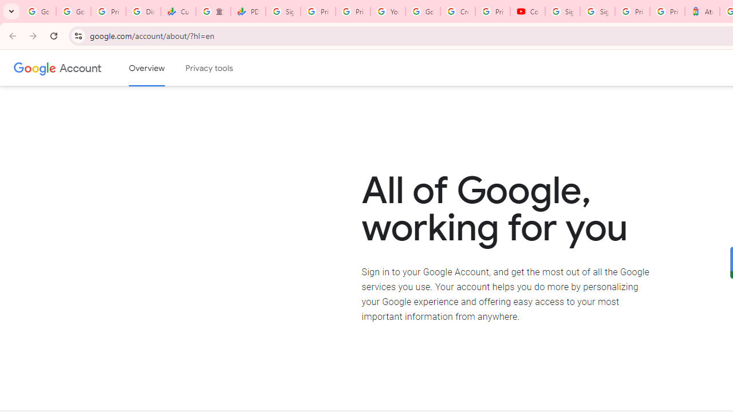 The height and width of the screenshot is (412, 733). What do you see at coordinates (80, 68) in the screenshot?
I see `'Google Account'` at bounding box center [80, 68].